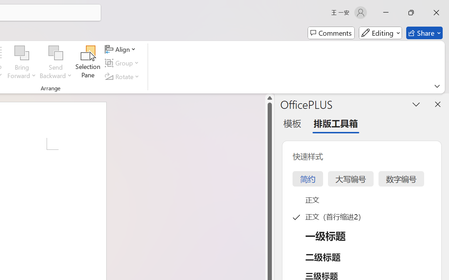 This screenshot has height=280, width=449. What do you see at coordinates (123, 63) in the screenshot?
I see `'Group'` at bounding box center [123, 63].